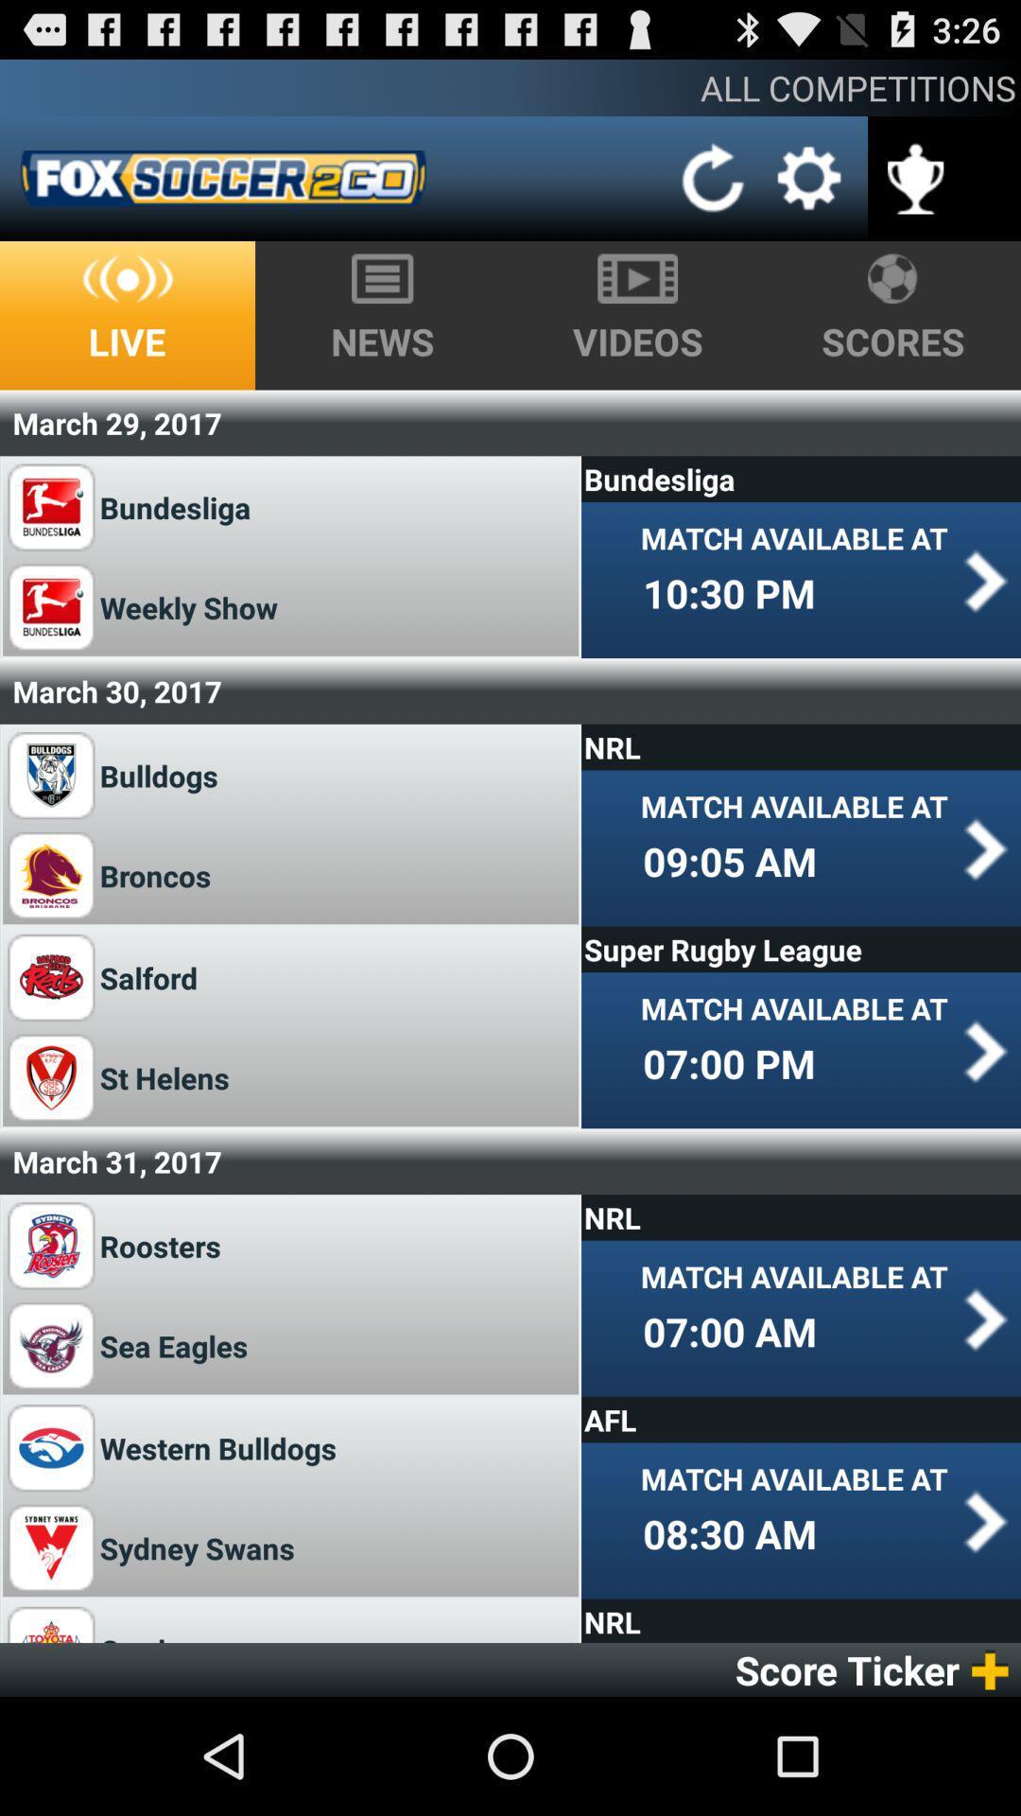 The height and width of the screenshot is (1816, 1021). What do you see at coordinates (197, 1547) in the screenshot?
I see `the app next to the 08:30 am` at bounding box center [197, 1547].